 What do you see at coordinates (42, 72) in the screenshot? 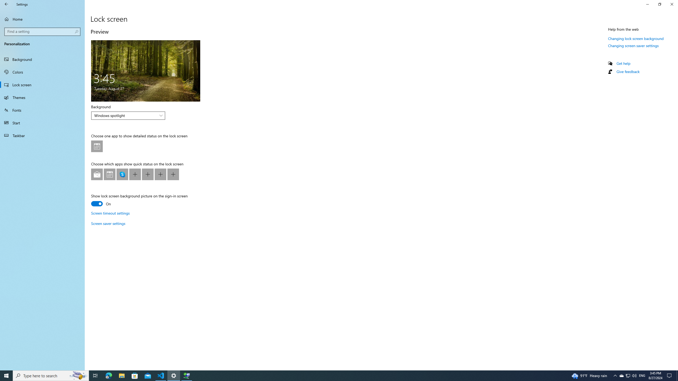
I see `'Colors'` at bounding box center [42, 72].